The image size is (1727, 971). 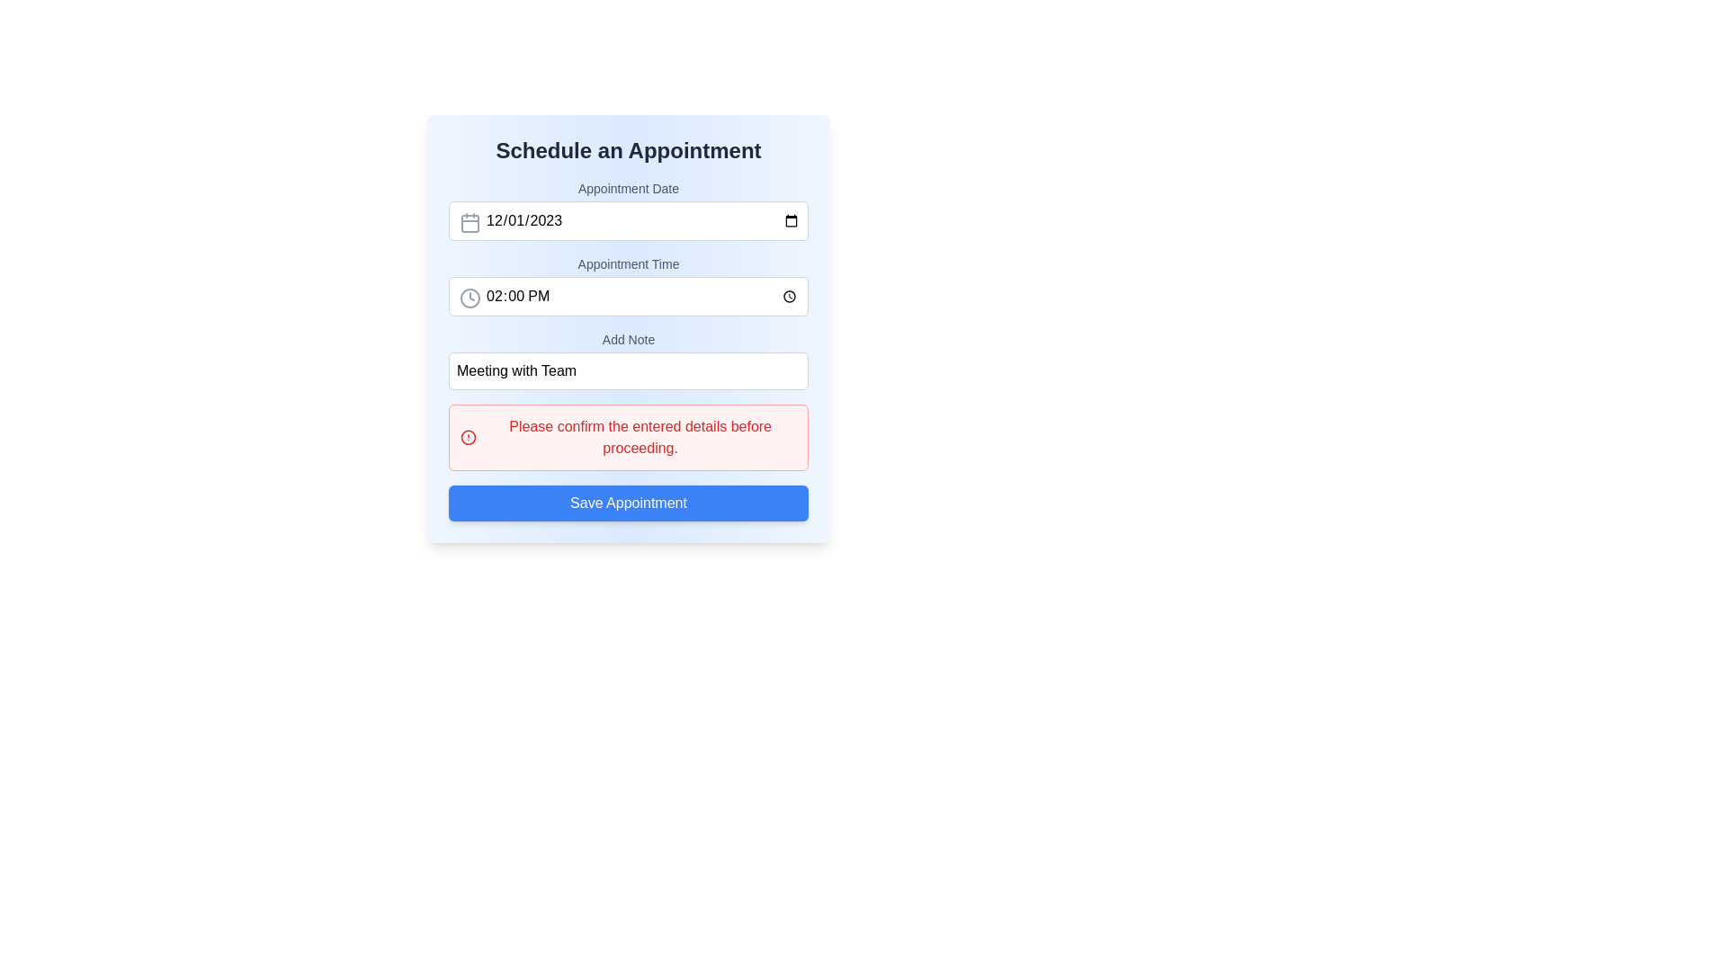 I want to click on the descriptive label for the time selector field located under the header 'Schedule an Appointment', positioned above the time selector labeled '02:00 PM', so click(x=629, y=263).